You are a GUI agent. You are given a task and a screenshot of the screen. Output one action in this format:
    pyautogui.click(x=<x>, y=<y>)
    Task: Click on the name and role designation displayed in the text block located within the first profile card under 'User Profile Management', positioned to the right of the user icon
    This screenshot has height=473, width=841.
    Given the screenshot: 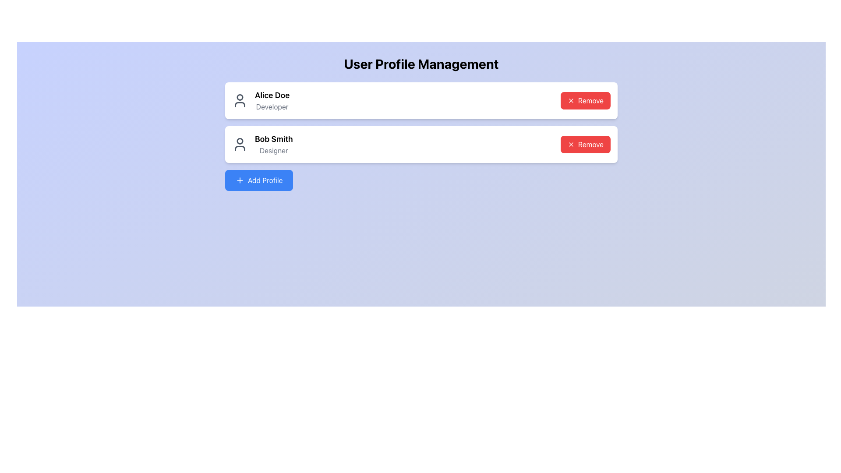 What is the action you would take?
    pyautogui.click(x=272, y=100)
    